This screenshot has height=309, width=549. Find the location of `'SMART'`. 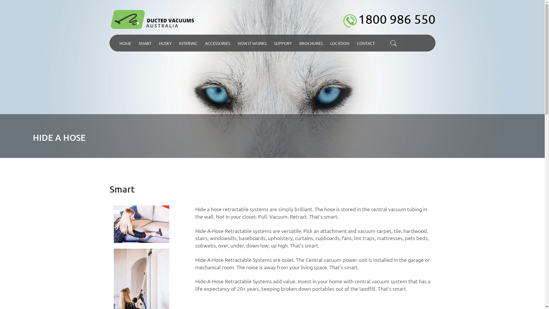

'SMART' is located at coordinates (145, 43).